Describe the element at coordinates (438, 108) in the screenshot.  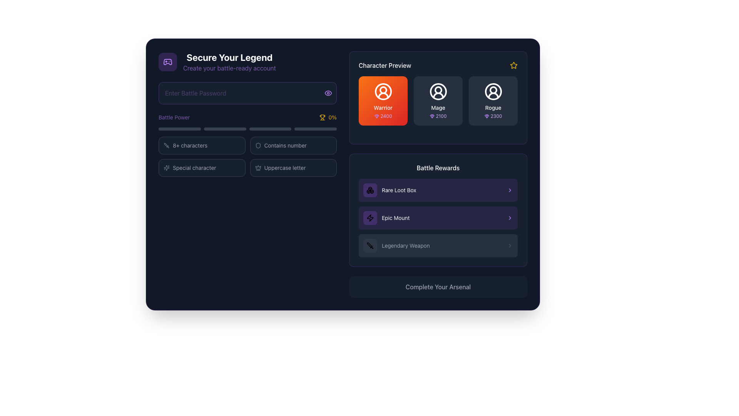
I see `the text label displaying 'Mage' in white color located in the 'Character Preview' section, which is the second character label from the left` at that location.